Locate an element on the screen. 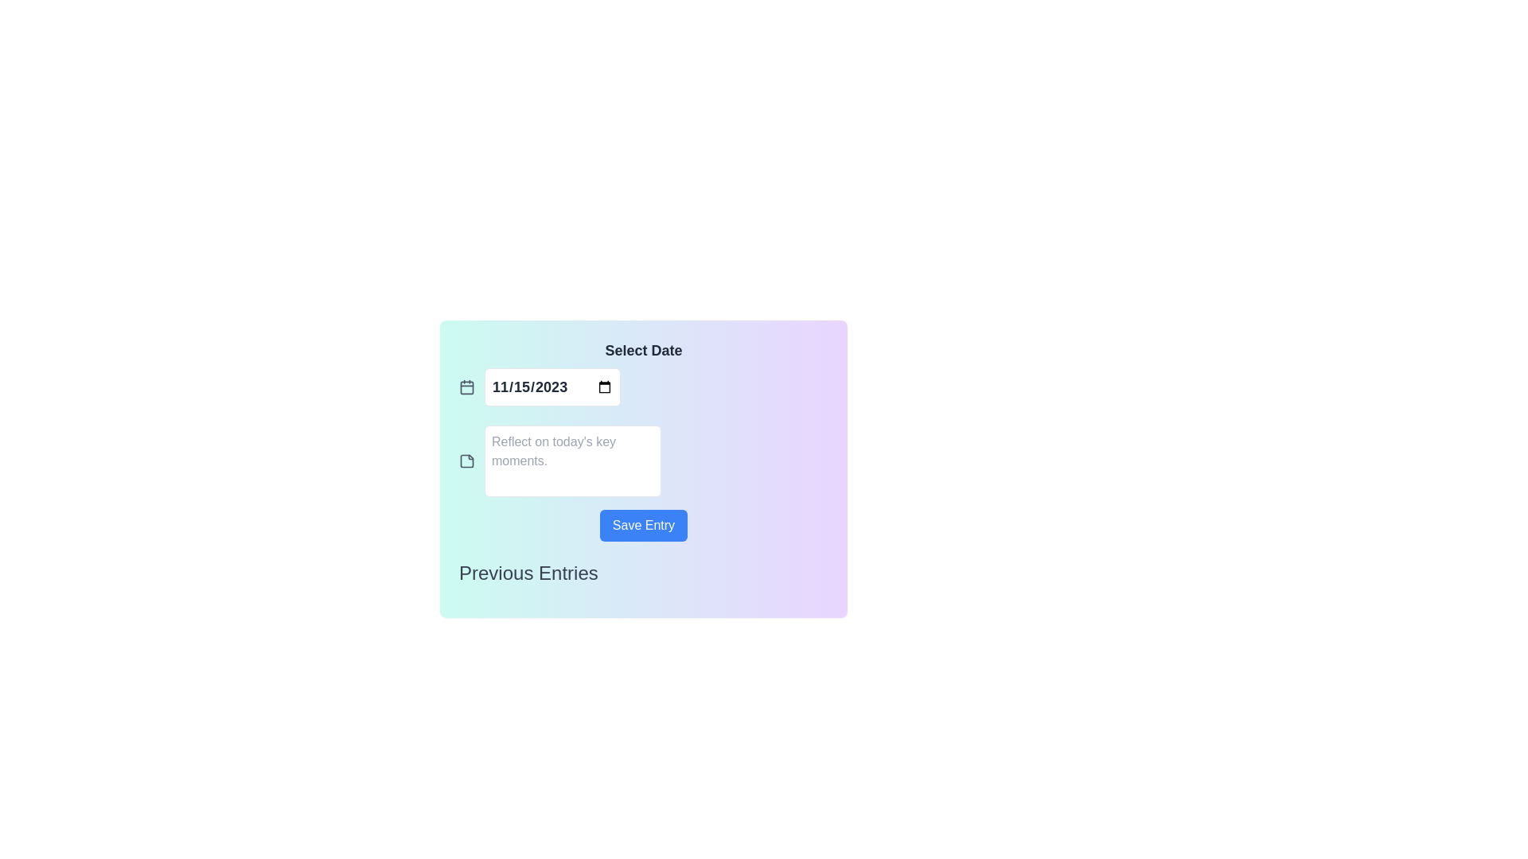 The width and height of the screenshot is (1528, 859). the calendar icon located to the left of the date input box is located at coordinates (466, 387).